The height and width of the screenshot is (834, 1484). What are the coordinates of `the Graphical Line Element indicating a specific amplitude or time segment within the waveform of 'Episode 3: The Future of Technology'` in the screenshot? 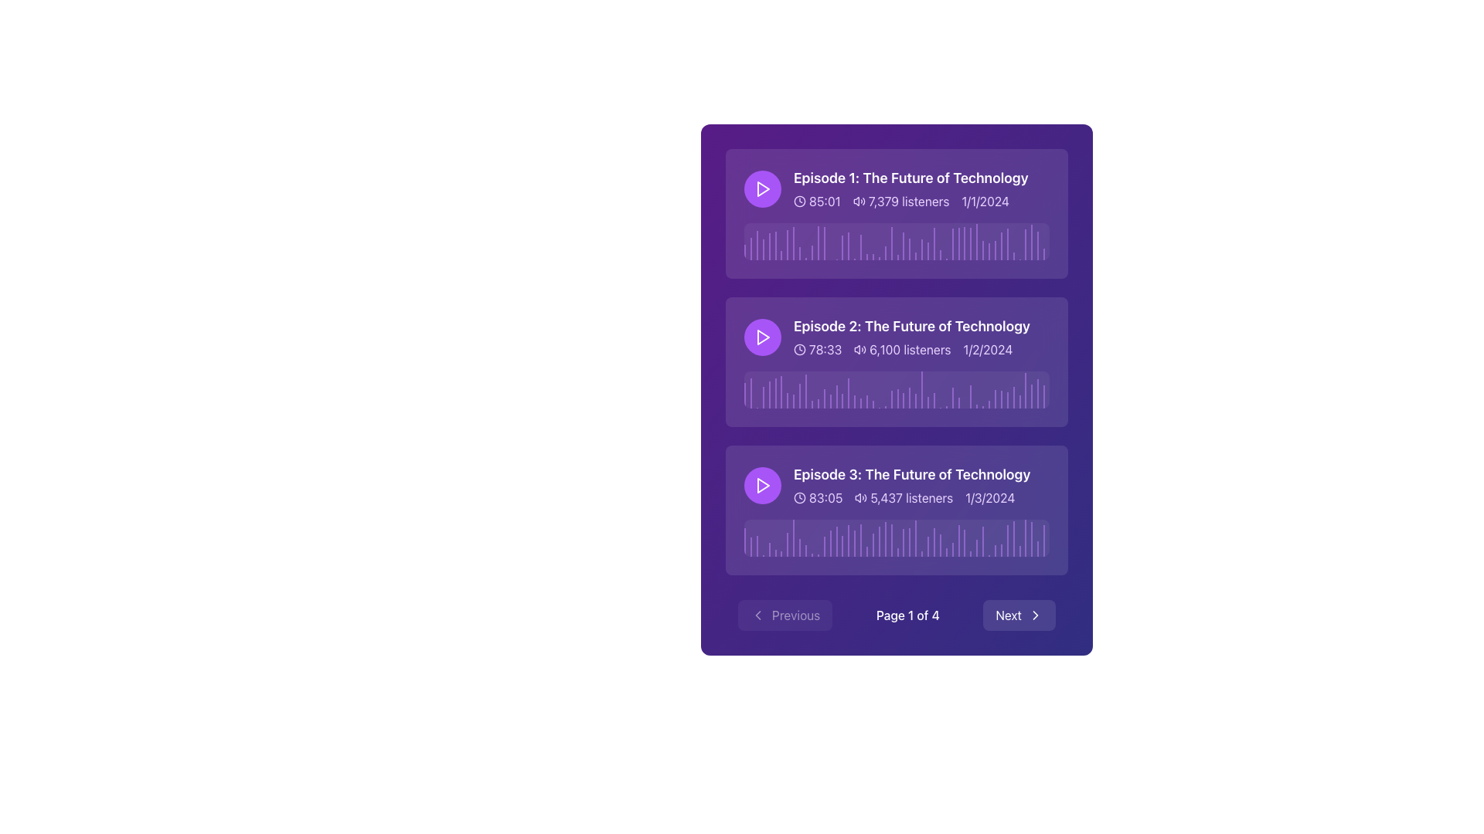 It's located at (805, 550).